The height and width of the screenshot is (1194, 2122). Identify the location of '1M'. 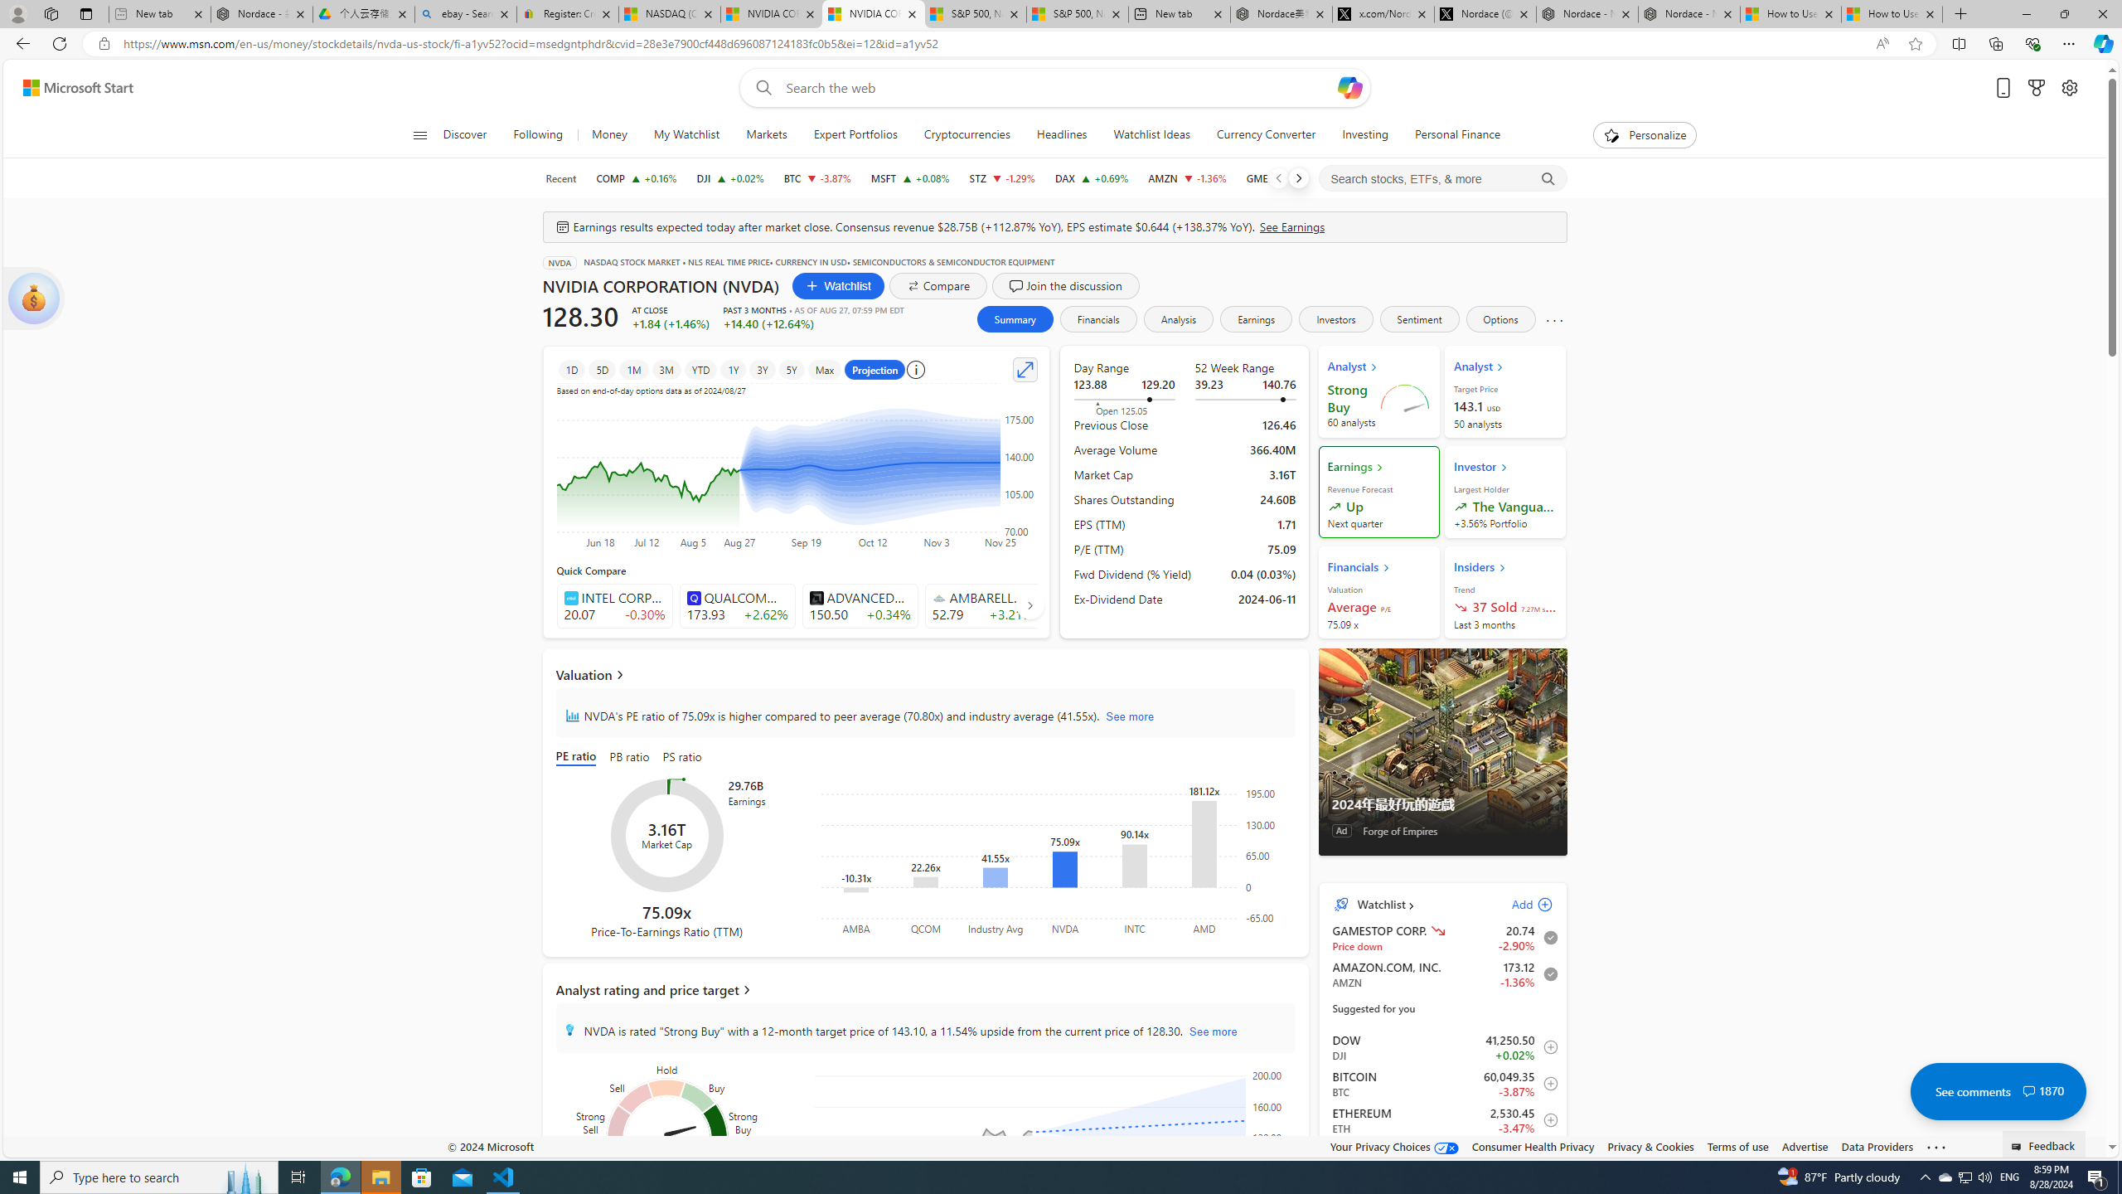
(634, 368).